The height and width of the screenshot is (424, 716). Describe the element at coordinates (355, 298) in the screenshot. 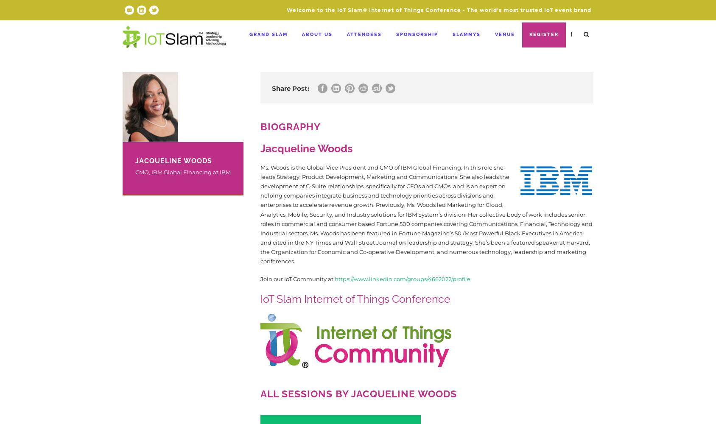

I see `'IoT Slam Internet of Things Conference'` at that location.